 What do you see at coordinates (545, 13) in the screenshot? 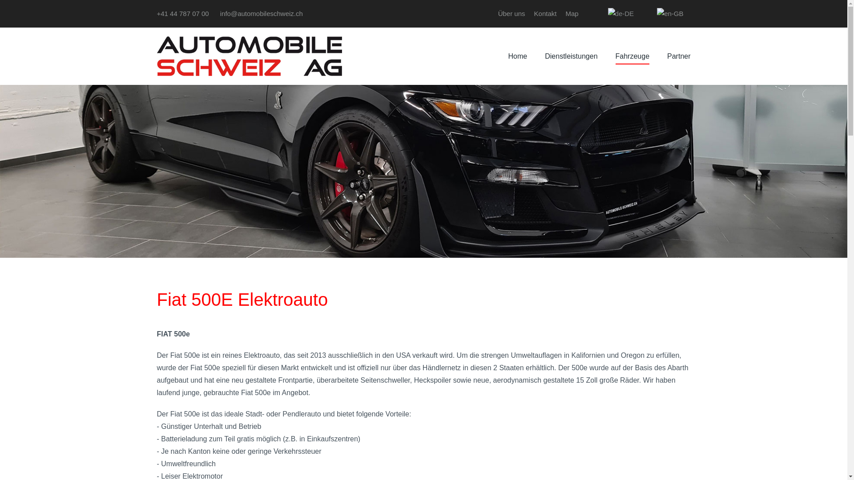
I see `'Kontakt'` at bounding box center [545, 13].